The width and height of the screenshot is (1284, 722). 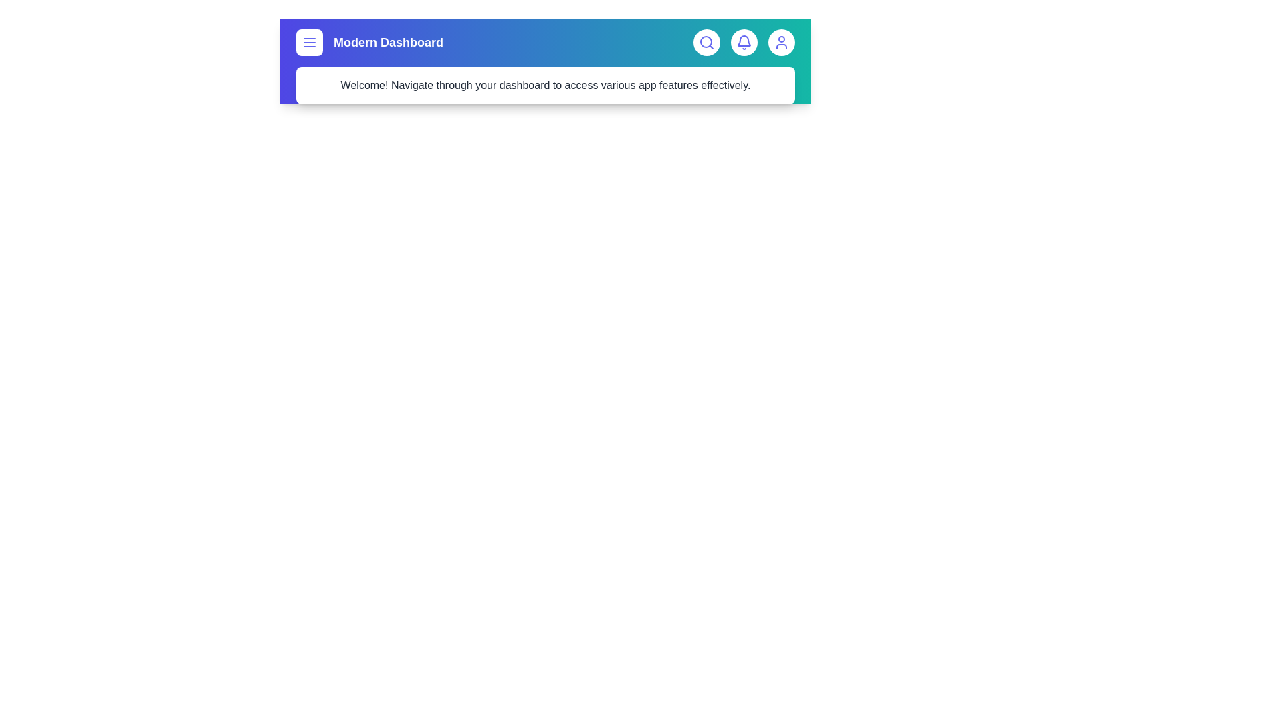 I want to click on the menu button to toggle the navigation menu, so click(x=308, y=42).